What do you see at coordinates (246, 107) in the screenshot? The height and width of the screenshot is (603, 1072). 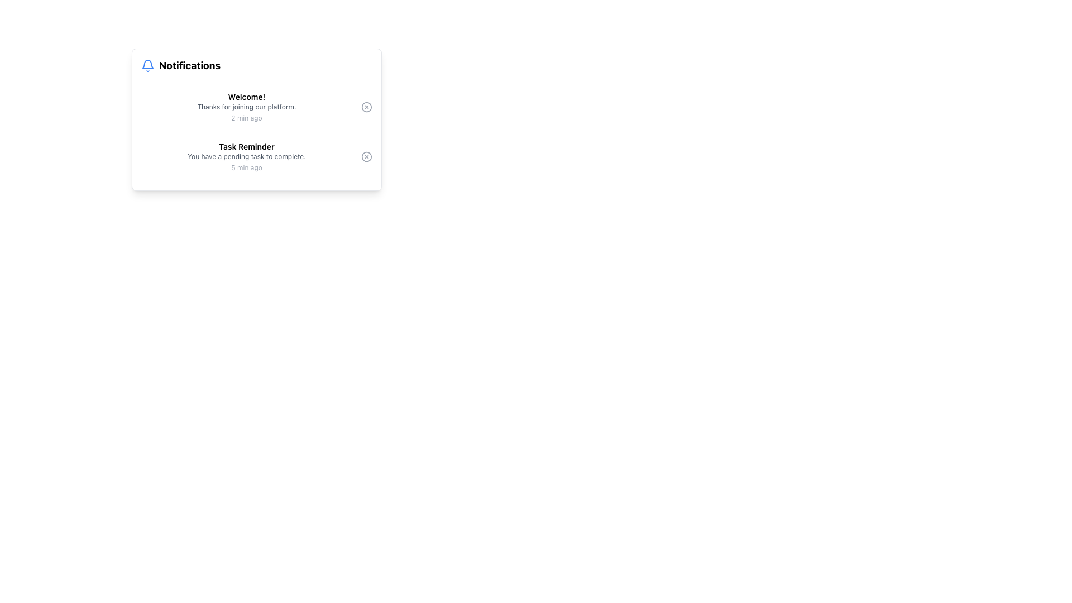 I see `the text label that reads 'Thanks for joining our platform.' which is styled in gray and located beneath the title 'Welcome!' and above the timestamp '2 min ago.'` at bounding box center [246, 107].